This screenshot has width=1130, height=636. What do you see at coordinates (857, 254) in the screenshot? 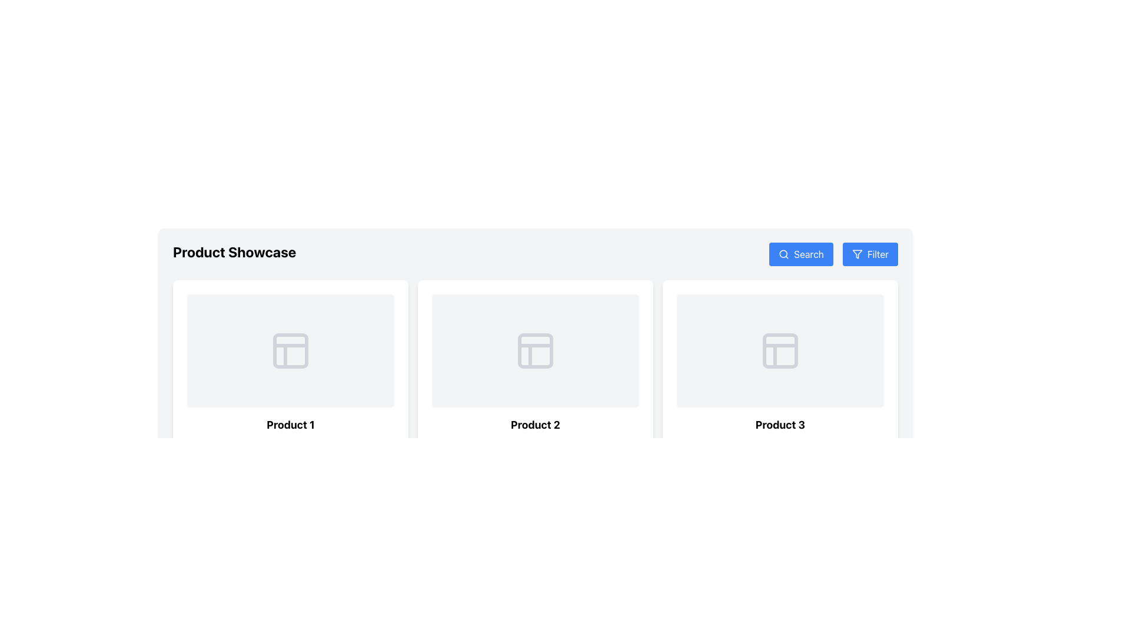
I see `the filtering icon located on the left side of the 'Filter' button in the upper right corner of the interface as a visual indicator` at bounding box center [857, 254].